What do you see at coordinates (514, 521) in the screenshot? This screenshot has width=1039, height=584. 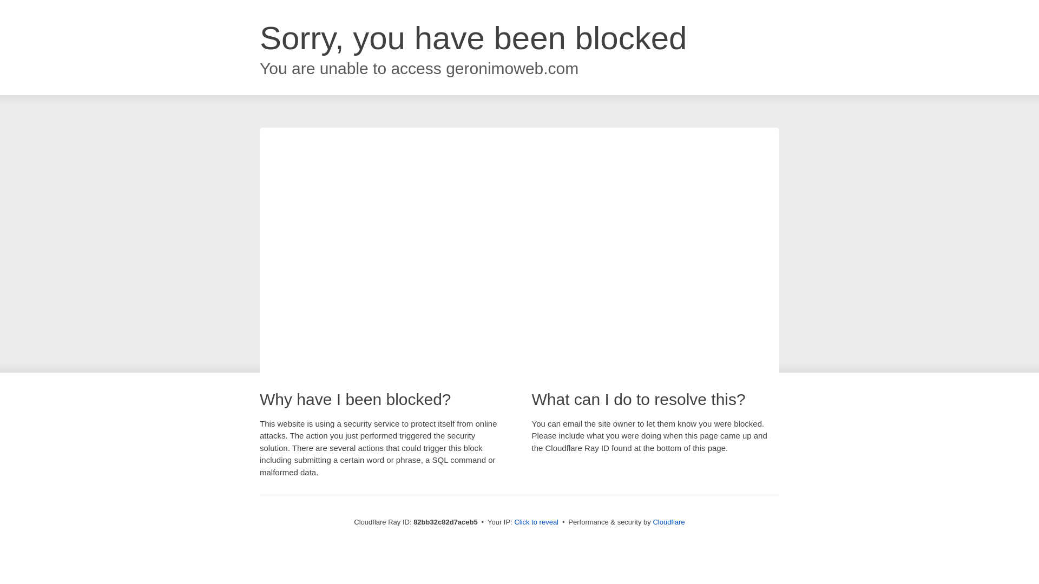 I see `'Click to reveal'` at bounding box center [514, 521].